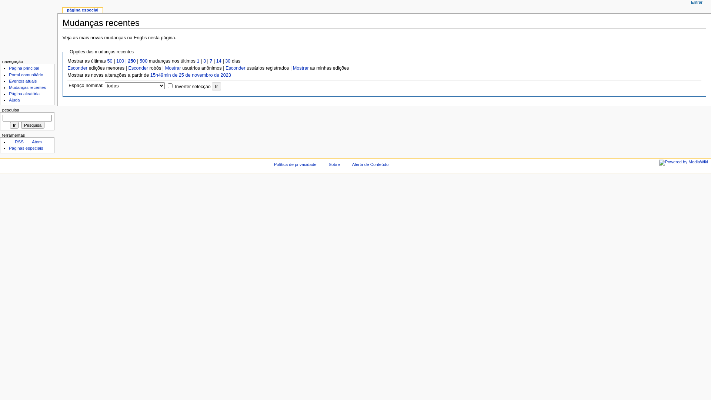 This screenshot has height=400, width=711. Describe the element at coordinates (198, 61) in the screenshot. I see `'1'` at that location.